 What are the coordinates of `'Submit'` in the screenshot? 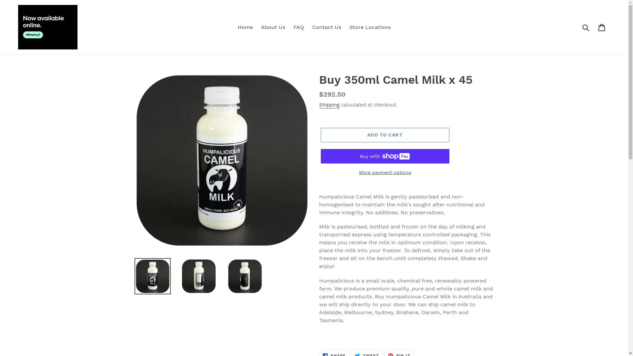 It's located at (586, 26).